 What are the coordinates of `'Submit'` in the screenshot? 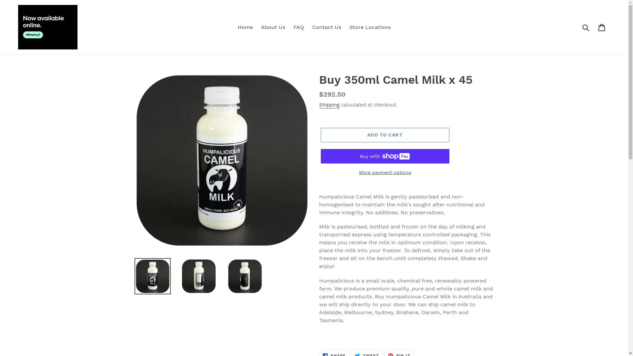 It's located at (586, 26).